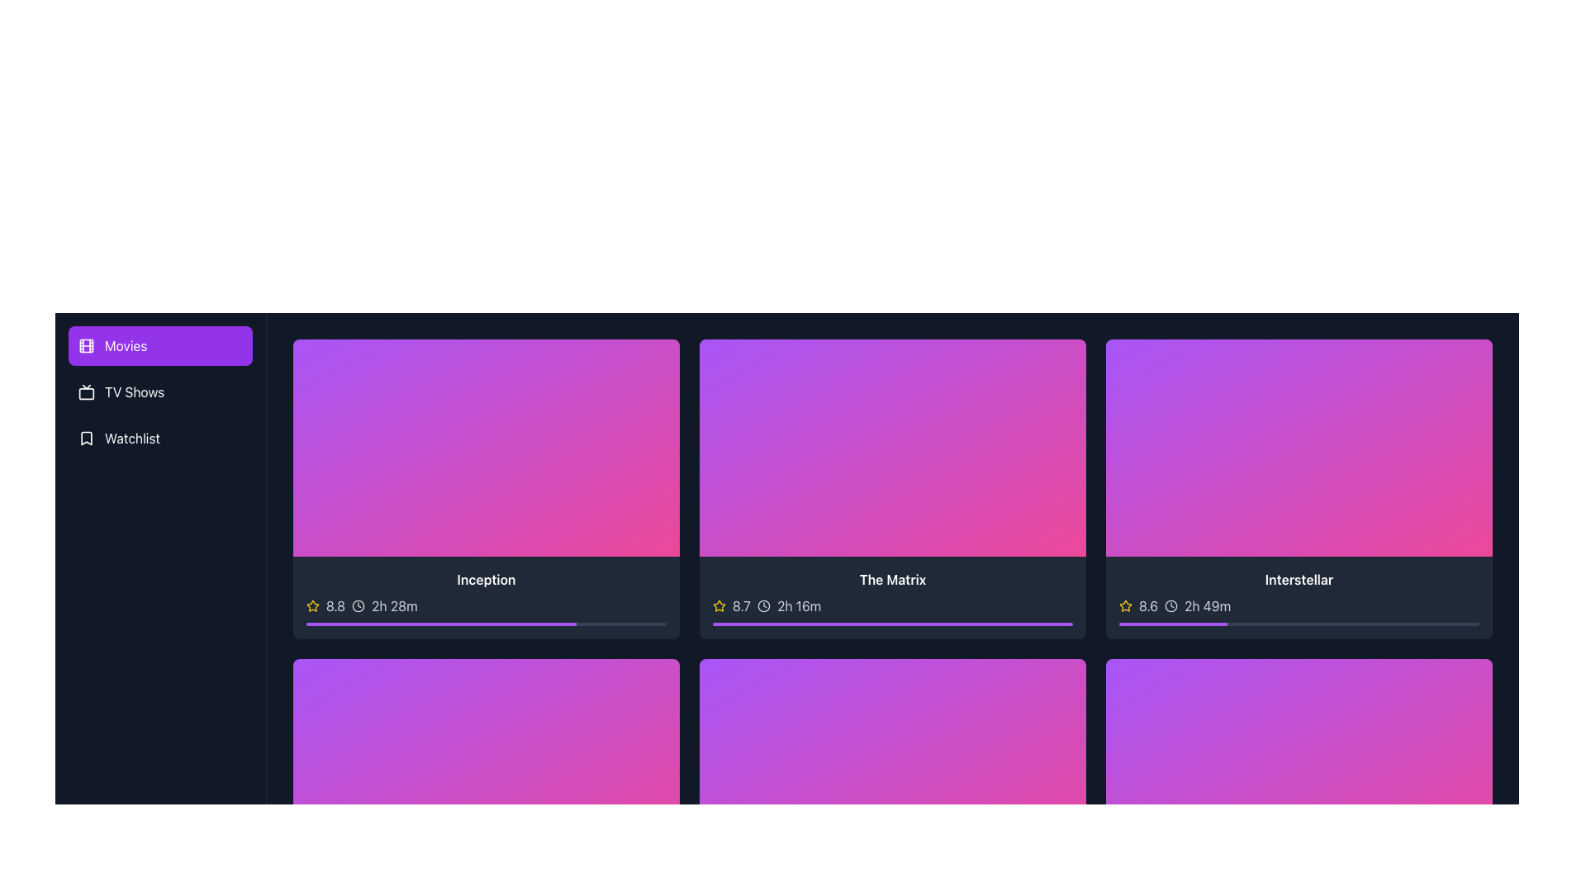  What do you see at coordinates (1171, 606) in the screenshot?
I see `the details of the circular part of the clock icon, which represents time-related information next to the rating or time information` at bounding box center [1171, 606].